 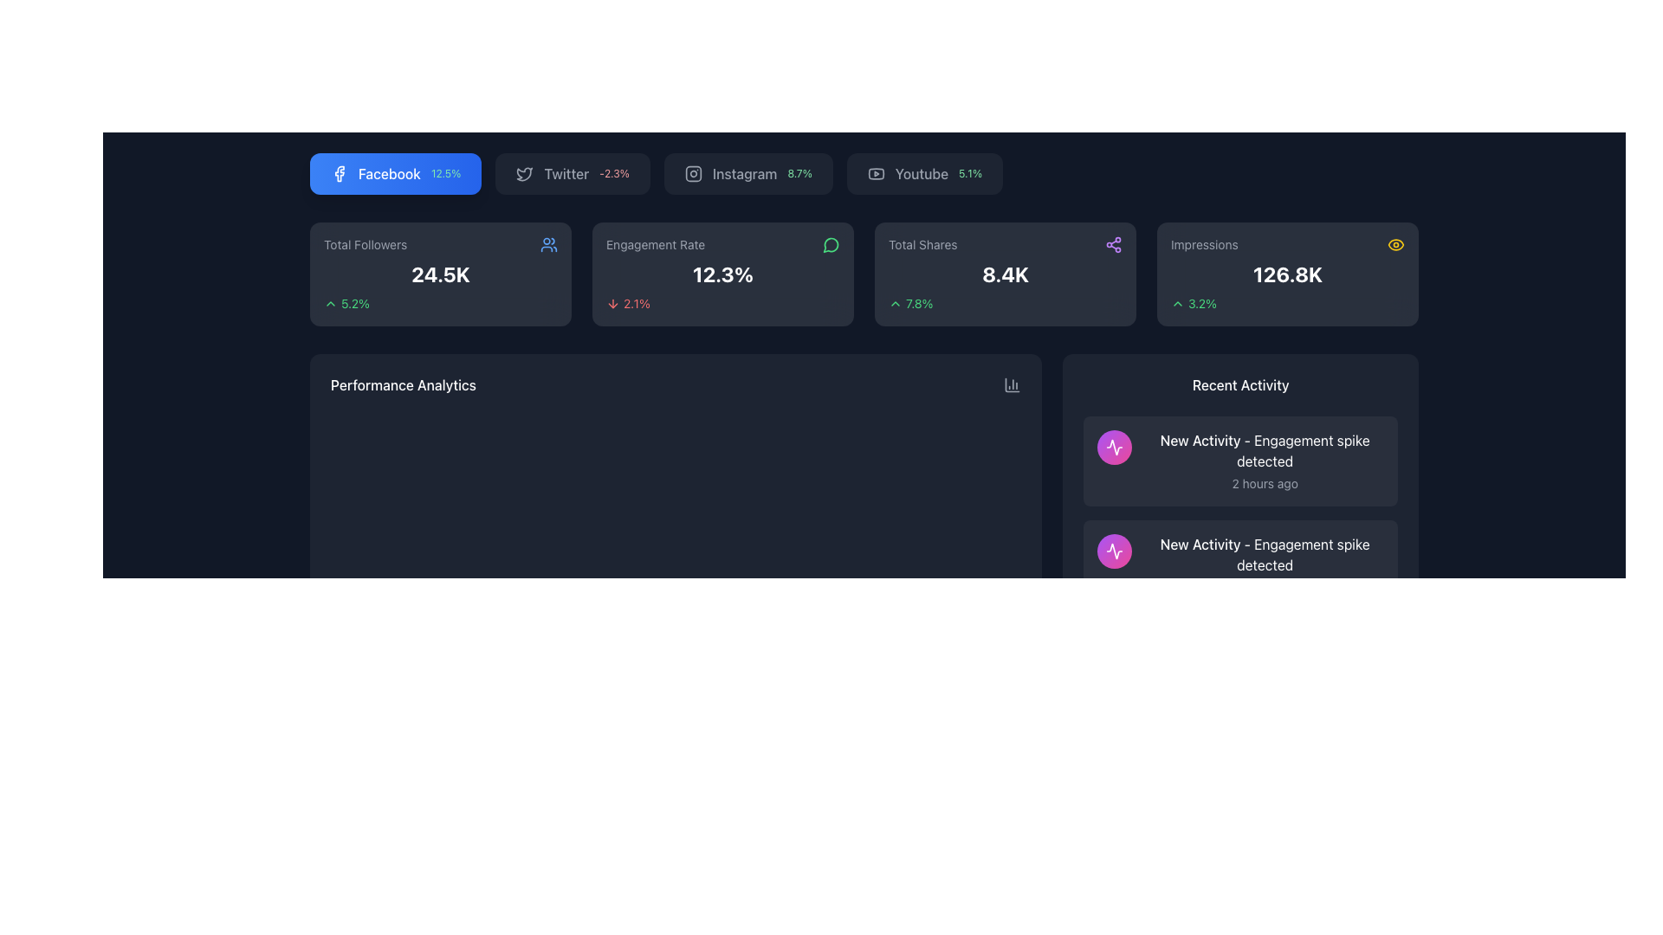 I want to click on the Text label displaying a percentage value next to the 'Instagram' label in the Instagram-related panel, so click(x=799, y=173).